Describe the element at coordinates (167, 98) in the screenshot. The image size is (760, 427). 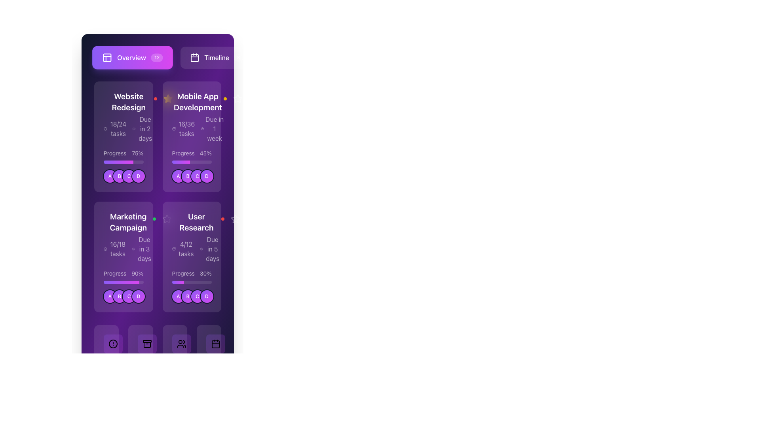
I see `the star-shaped icon with a hollow outline located in the top-right quadrant of the 'Mobile App Development' card` at that location.